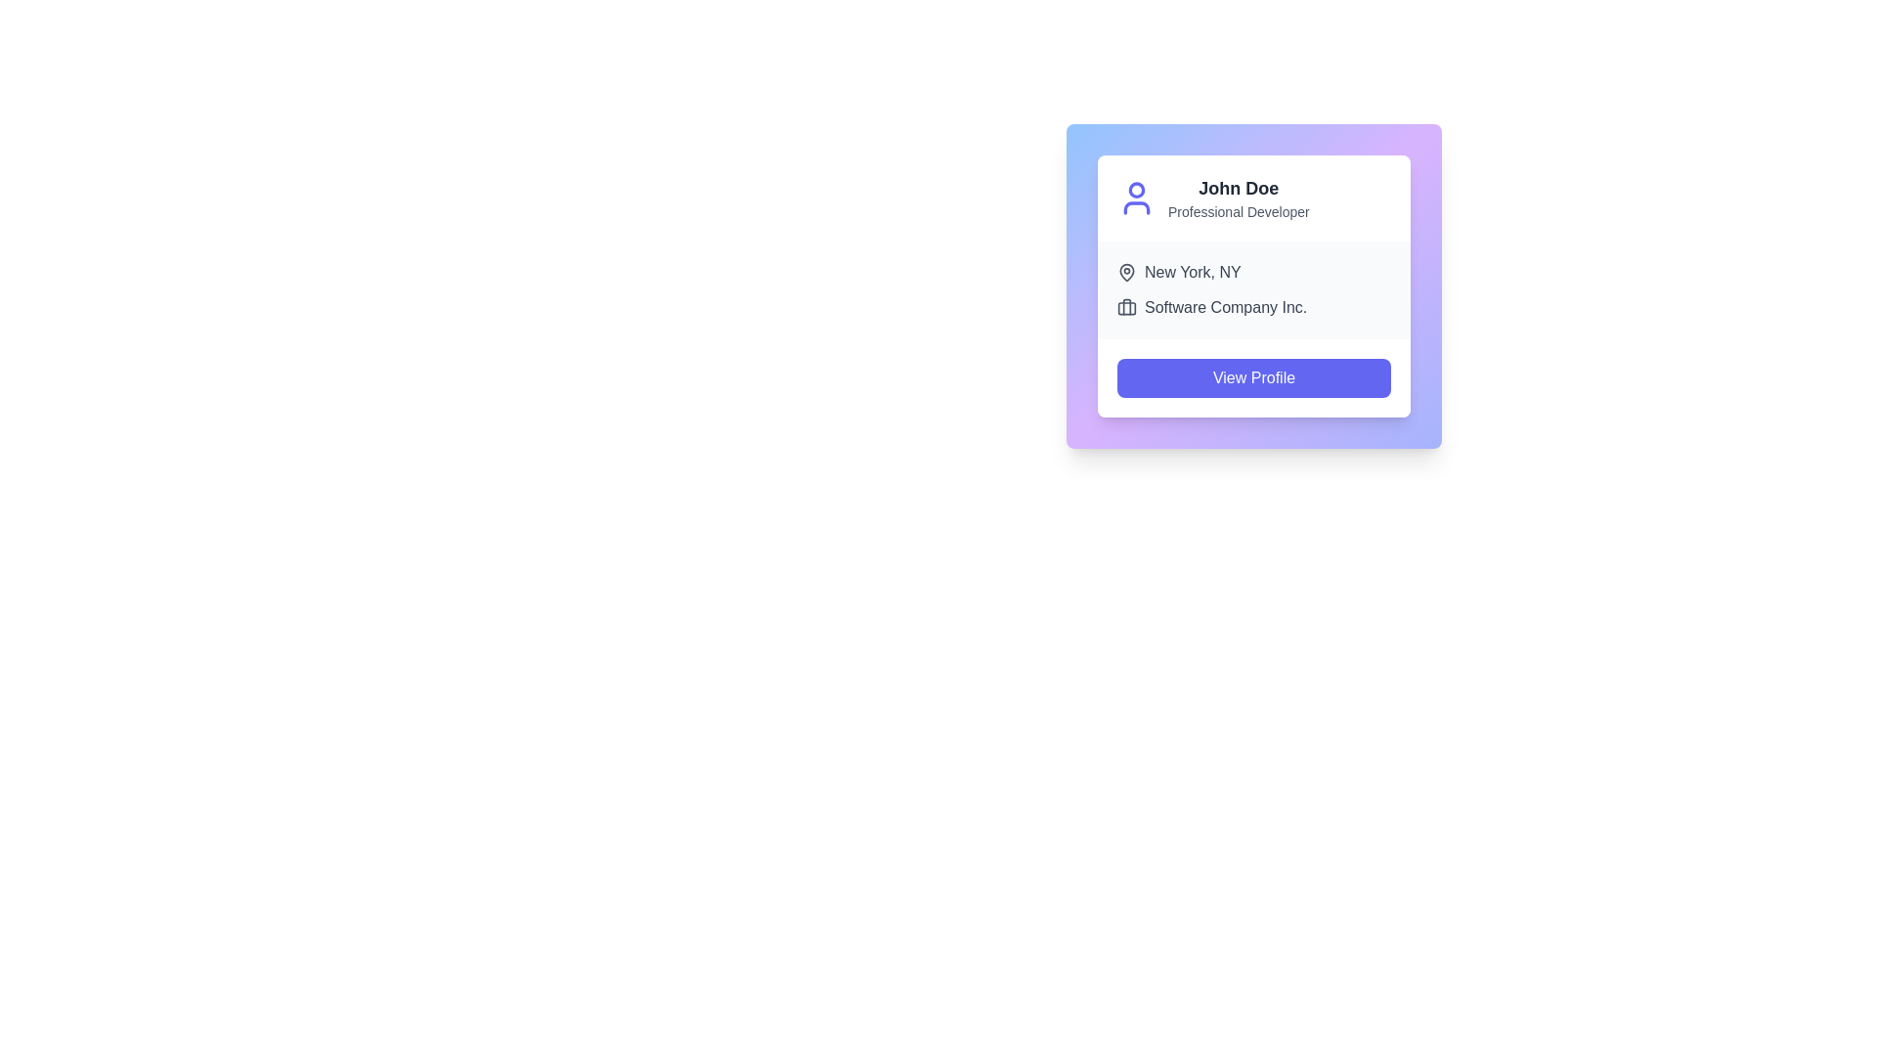 This screenshot has width=1877, height=1056. Describe the element at coordinates (1225, 308) in the screenshot. I see `text label that specifies the employer or workplace associated with the displayed profile, located below 'New York, NY' and above the 'View Profile' button` at that location.